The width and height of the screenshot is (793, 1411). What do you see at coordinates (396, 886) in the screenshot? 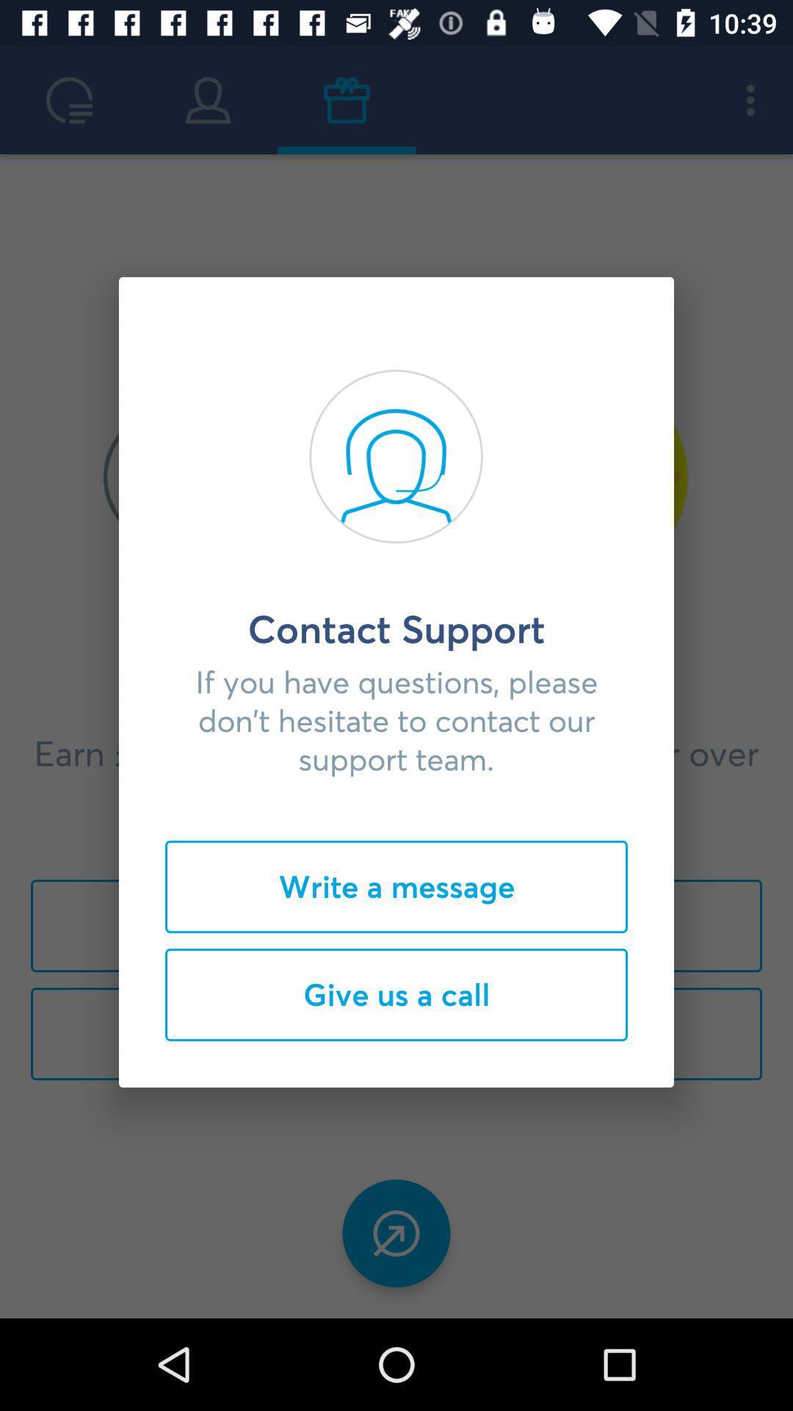
I see `icon below the if you have` at bounding box center [396, 886].